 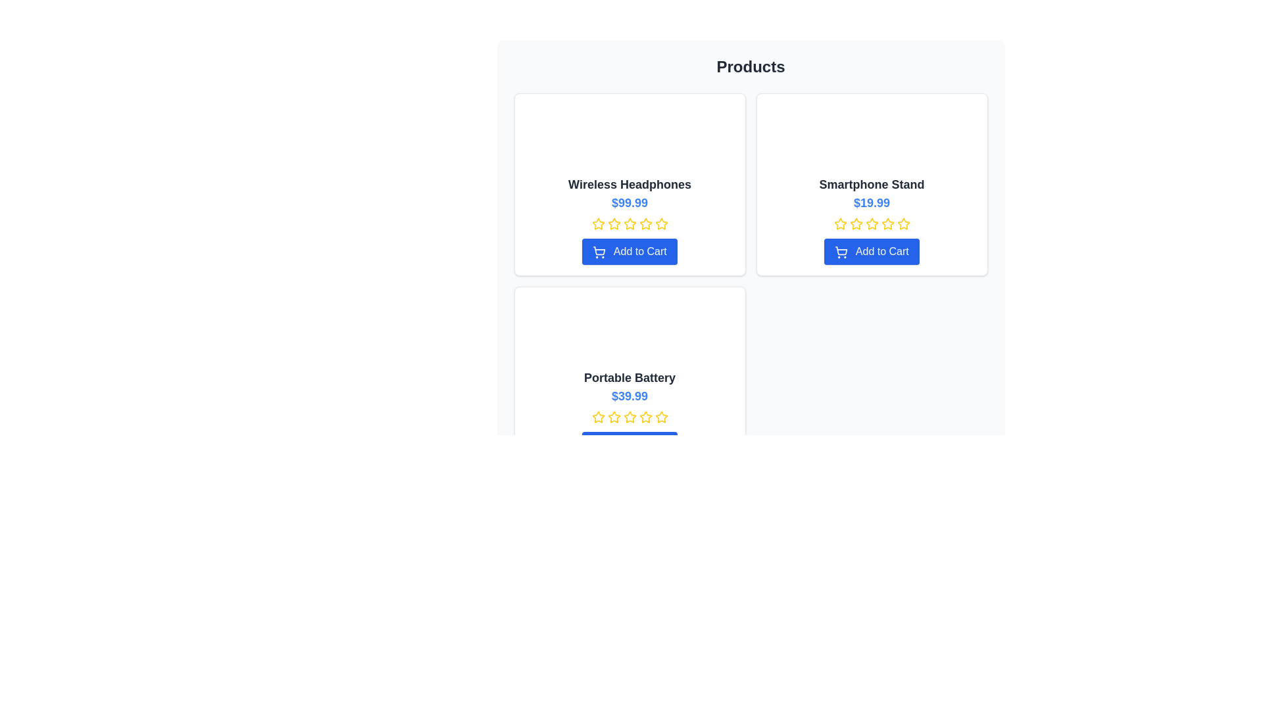 I want to click on the blue rectangular button labeled 'Add to Cart' with a shopping cart icon, located at the bottom of the 'Wireless Headphones' product card, so click(x=629, y=251).